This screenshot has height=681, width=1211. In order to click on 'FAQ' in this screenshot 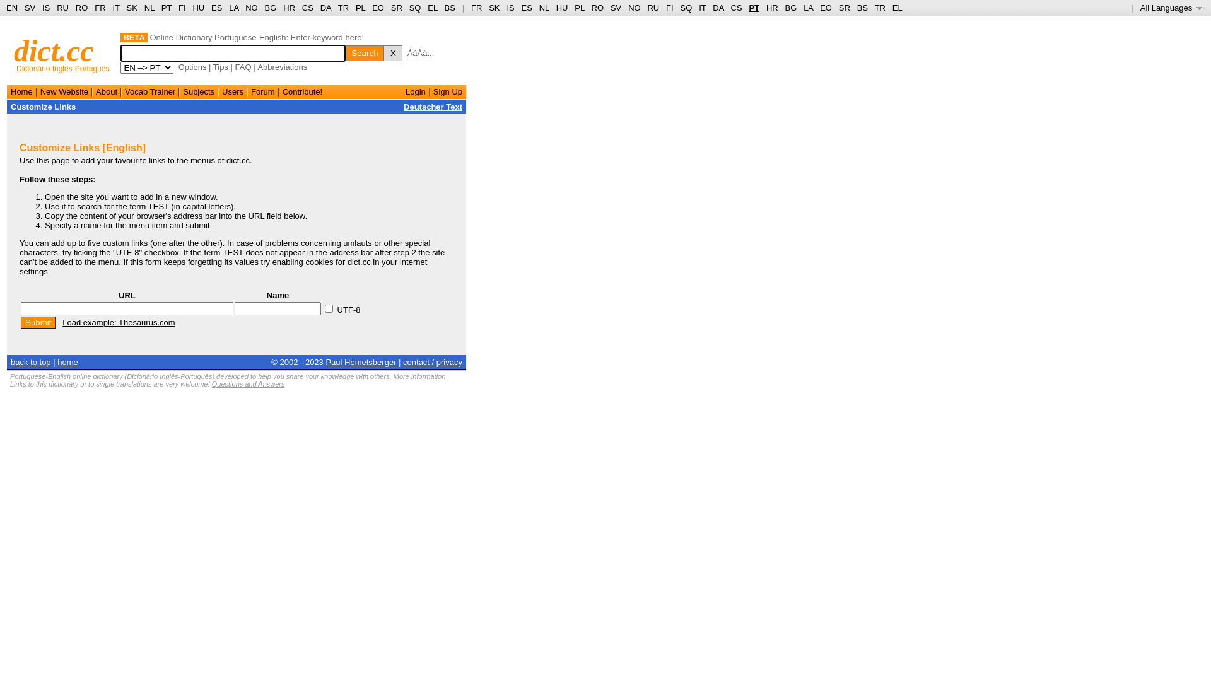, I will do `click(243, 67)`.